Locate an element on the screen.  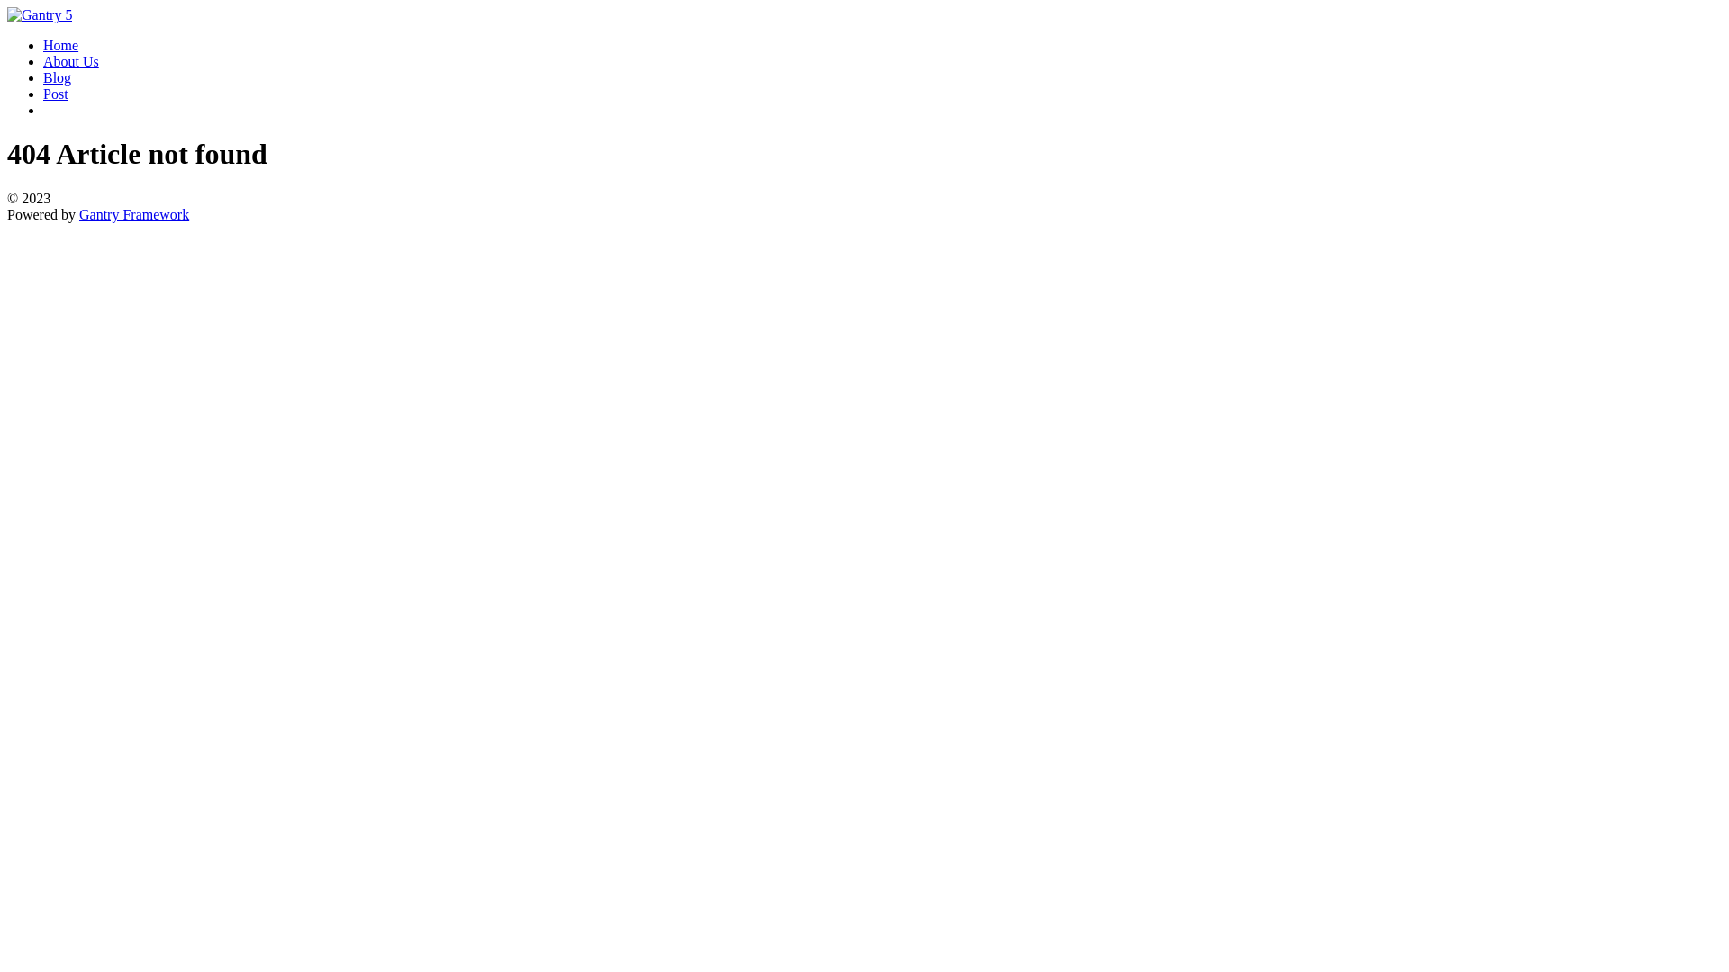
'Home' is located at coordinates (60, 44).